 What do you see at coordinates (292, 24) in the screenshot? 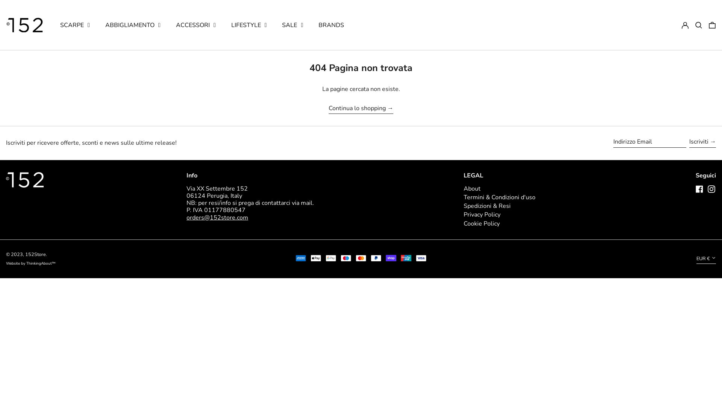
I see `'SALE'` at bounding box center [292, 24].